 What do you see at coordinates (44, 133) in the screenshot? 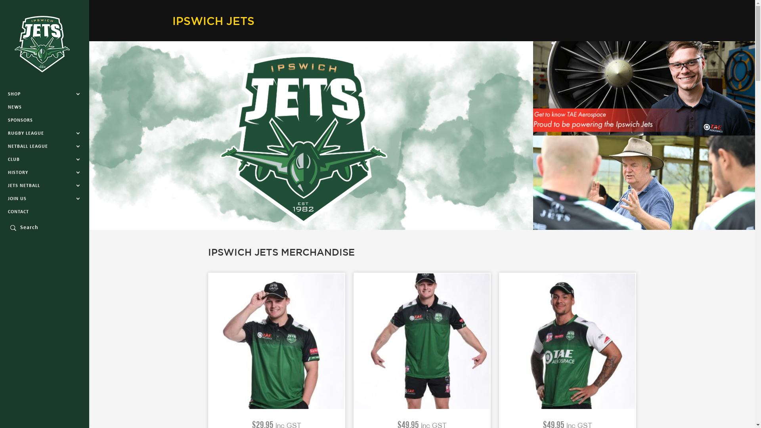
I see `'RUGBY LEAGUE'` at bounding box center [44, 133].